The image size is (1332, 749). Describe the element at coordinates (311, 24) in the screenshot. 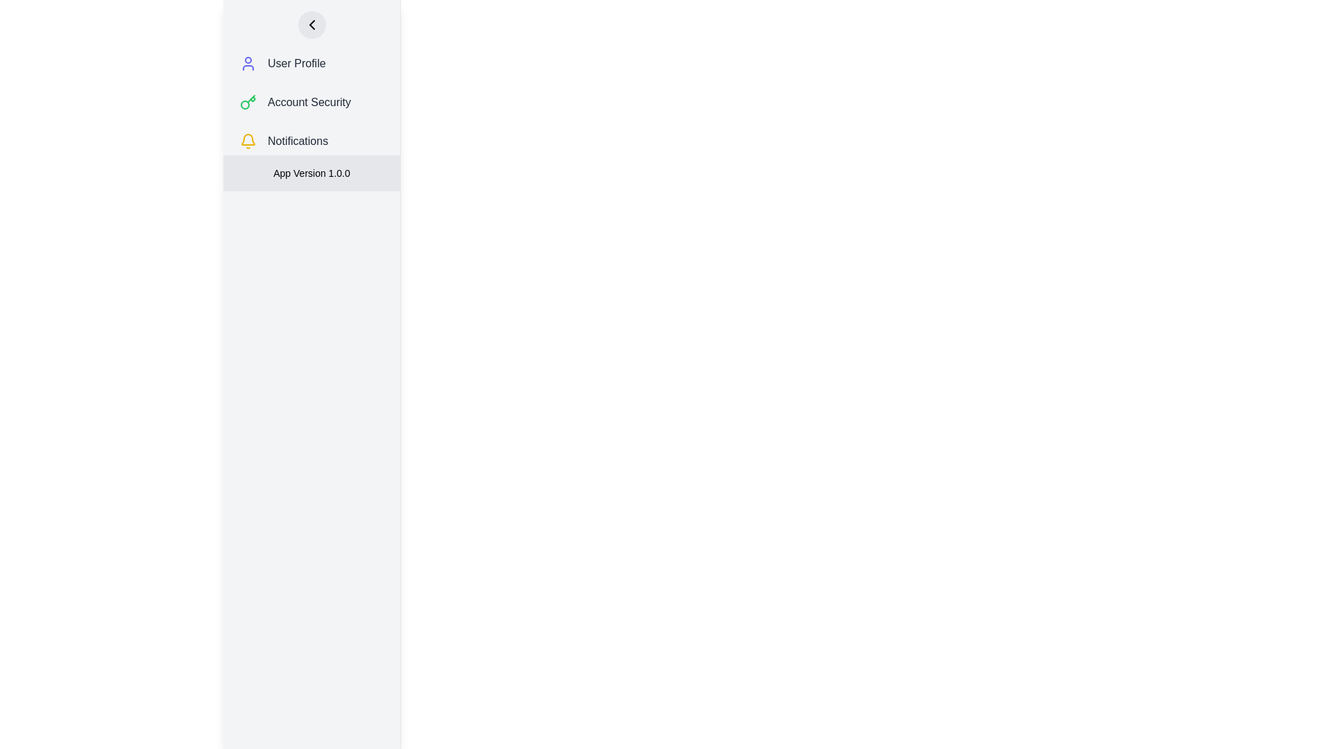

I see `the navigation icon located at the top-left corner of the left panel` at that location.